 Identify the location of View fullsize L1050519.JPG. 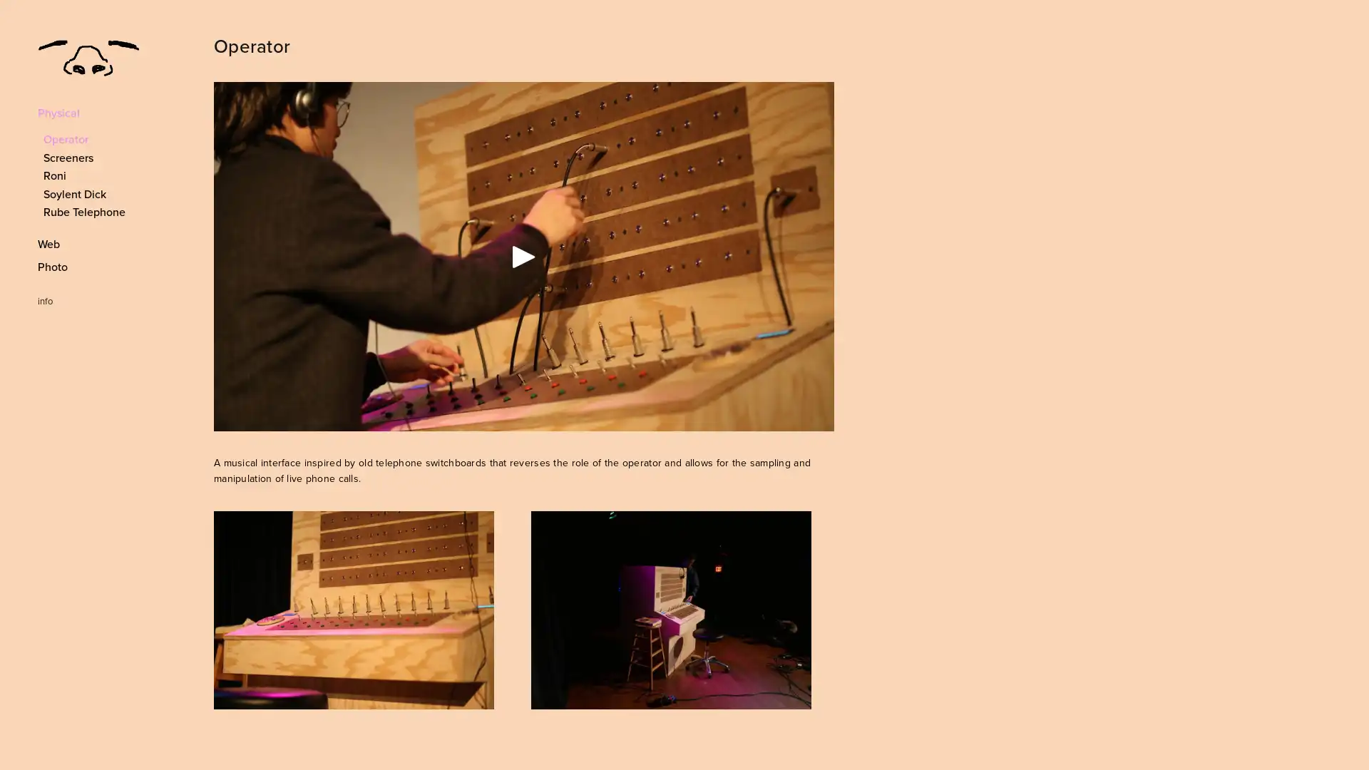
(682, 624).